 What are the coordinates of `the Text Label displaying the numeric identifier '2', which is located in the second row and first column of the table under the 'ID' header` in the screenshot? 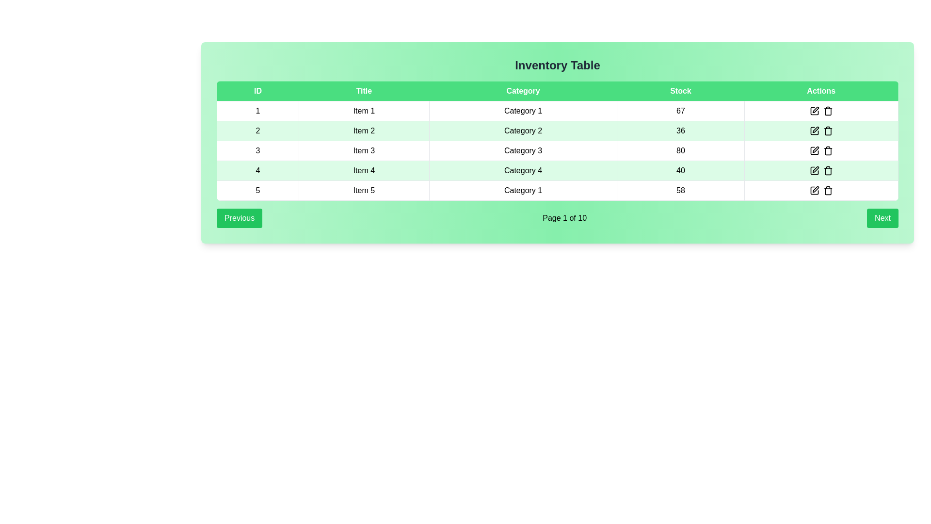 It's located at (257, 131).